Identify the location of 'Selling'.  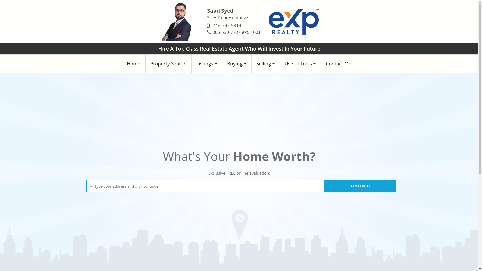
(265, 63).